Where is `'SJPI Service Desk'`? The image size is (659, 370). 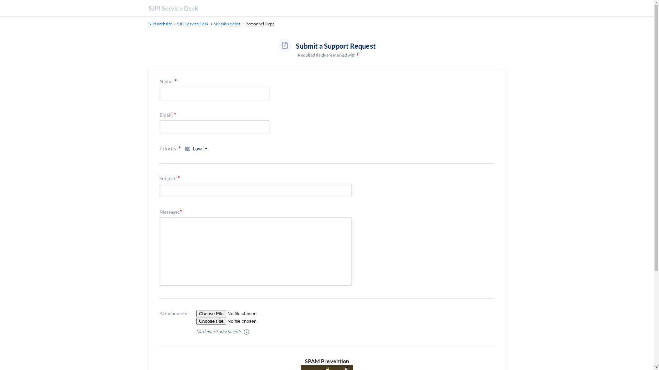 'SJPI Service Desk' is located at coordinates (148, 8).